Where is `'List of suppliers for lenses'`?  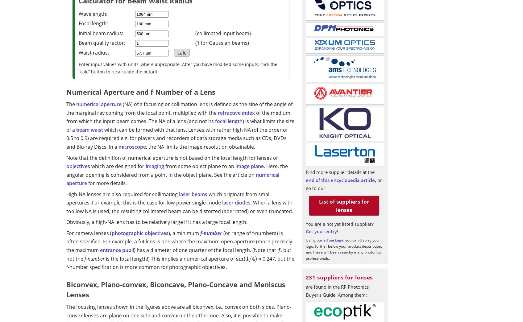
'List of suppliers for lenses' is located at coordinates (343, 205).